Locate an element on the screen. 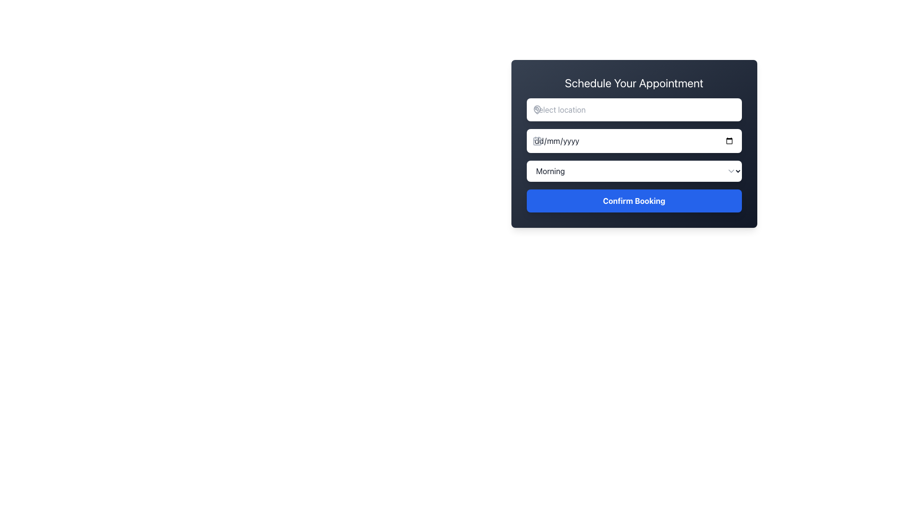  the dropdown menu that displays 'Morning' is located at coordinates (634, 171).